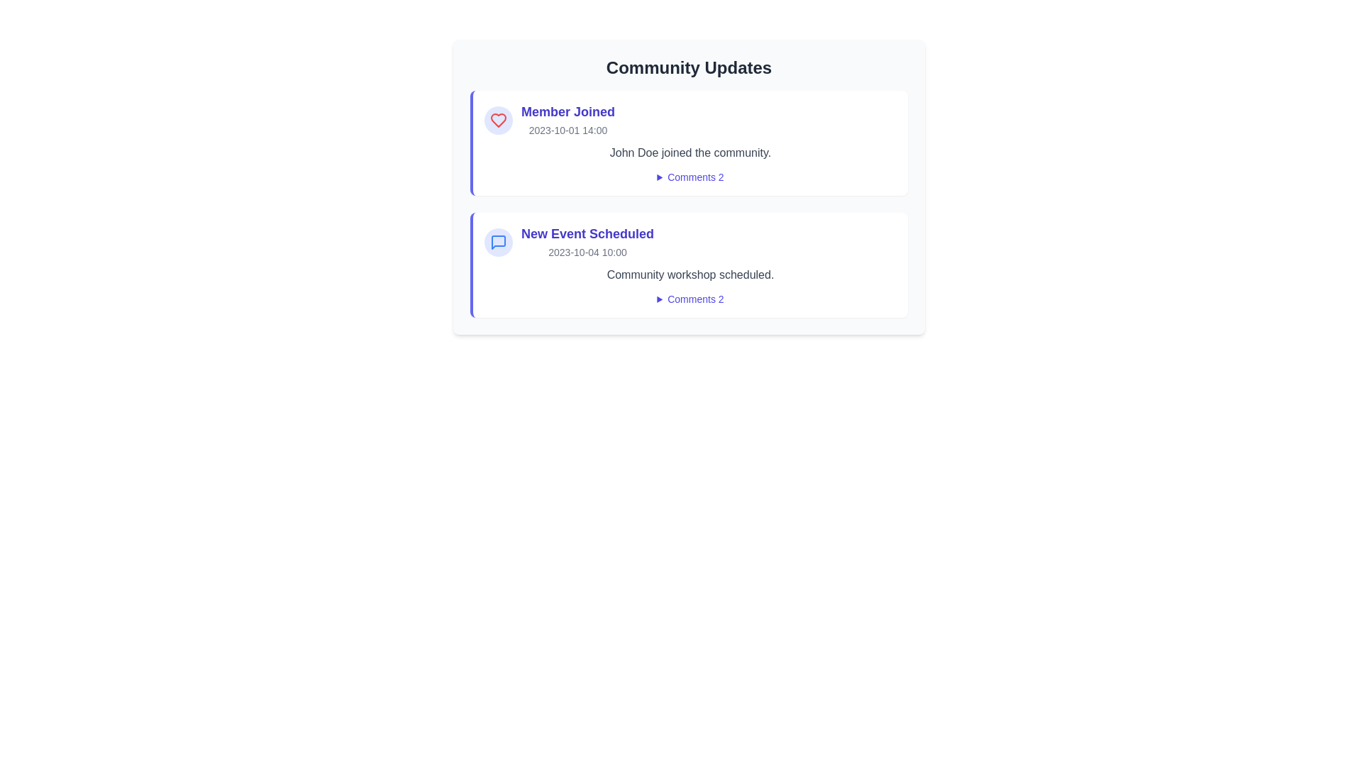 The width and height of the screenshot is (1362, 766). Describe the element at coordinates (498, 242) in the screenshot. I see `the circular icon with a light blue background on the left side of the second row in the community updates list, which indicates a 'New Event Scheduled'` at that location.